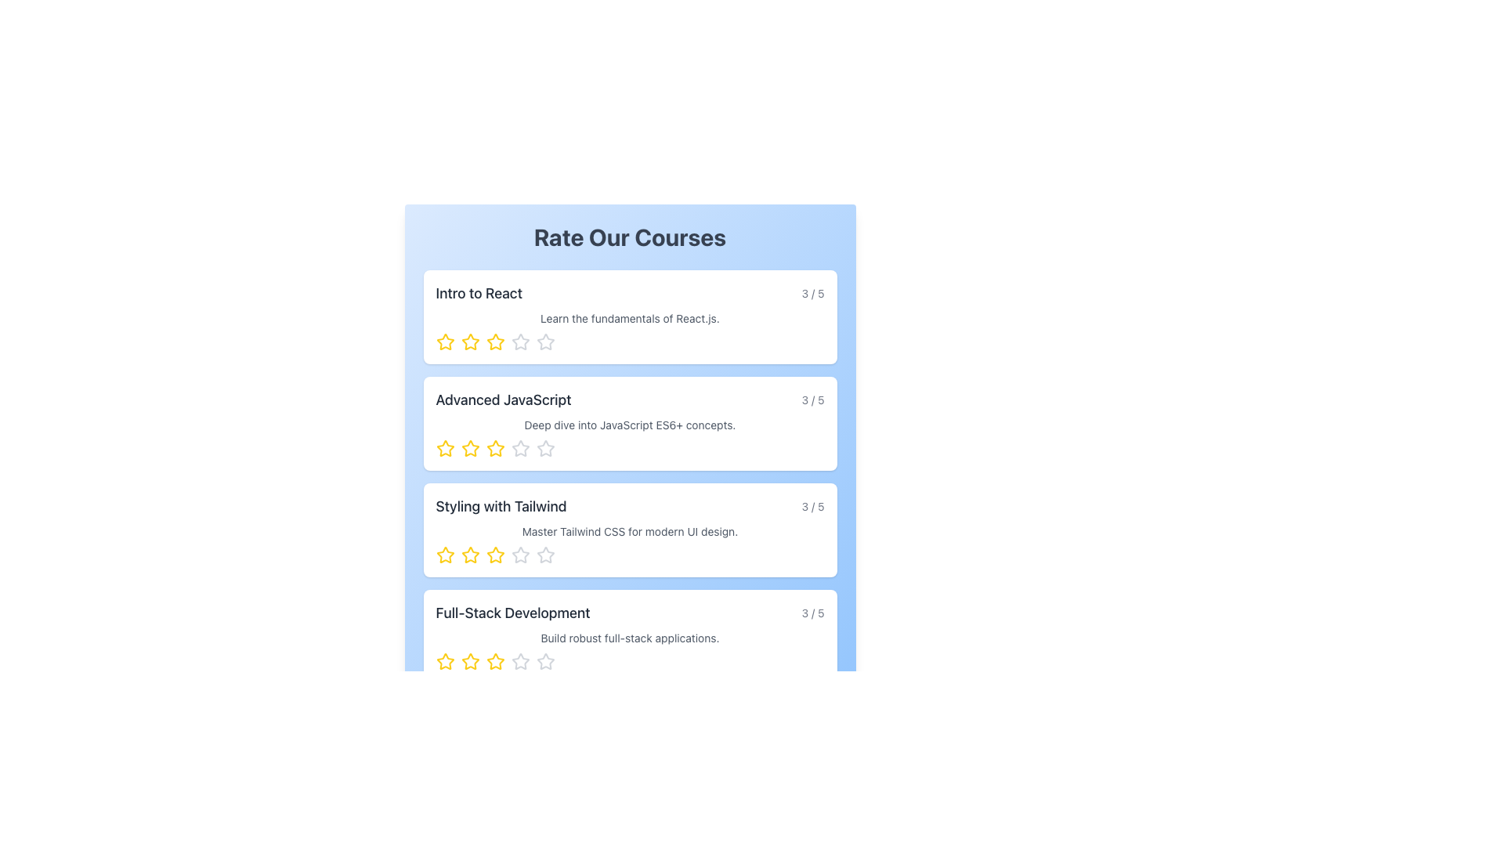 This screenshot has height=846, width=1504. I want to click on the fourth inactive rating star icon to give a 4-star rating for the course 'Styling with Tailwind', so click(520, 555).